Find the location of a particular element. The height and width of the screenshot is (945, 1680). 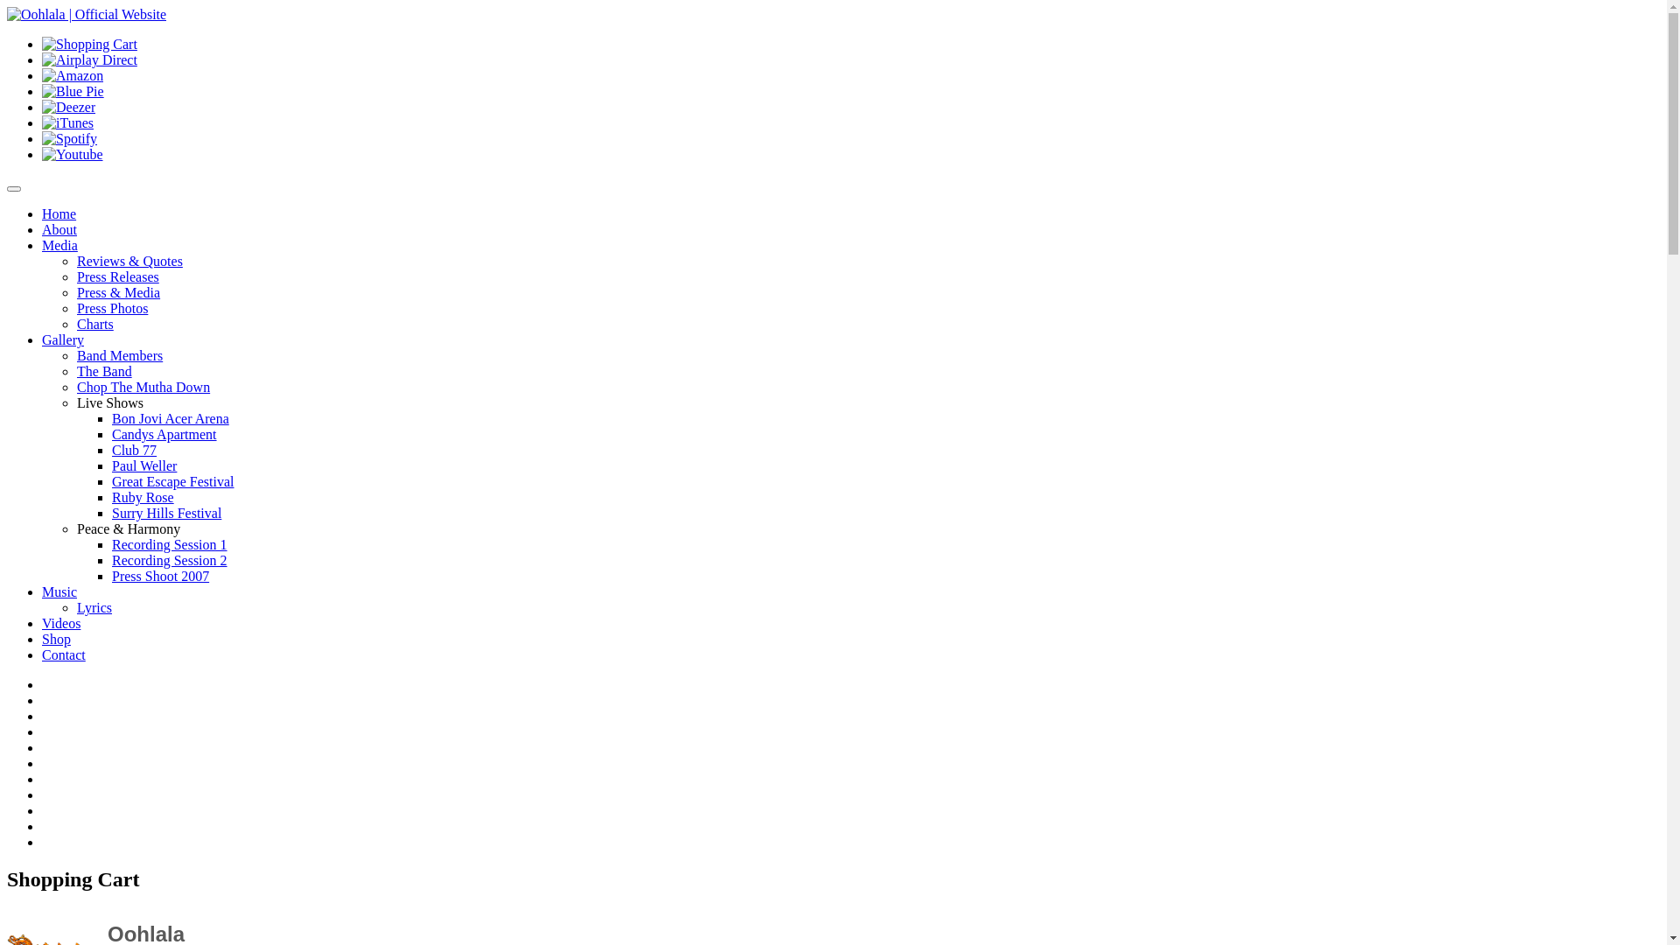

'iTunes' is located at coordinates (42, 122).